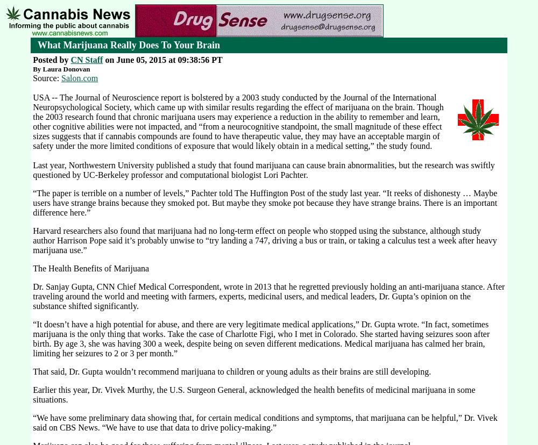  Describe the element at coordinates (264, 422) in the screenshot. I see `'“We have some preliminary data showing that, for certain medical conditions and symptoms, that marijuana can be helpful,” Dr. Vivek said on CBS News. “We have to use that data to drive policy-making.”'` at that location.